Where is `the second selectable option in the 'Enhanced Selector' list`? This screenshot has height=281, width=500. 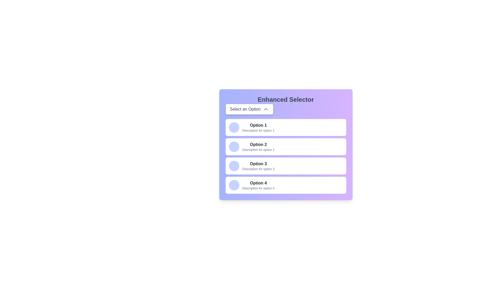 the second selectable option in the 'Enhanced Selector' list is located at coordinates (258, 146).